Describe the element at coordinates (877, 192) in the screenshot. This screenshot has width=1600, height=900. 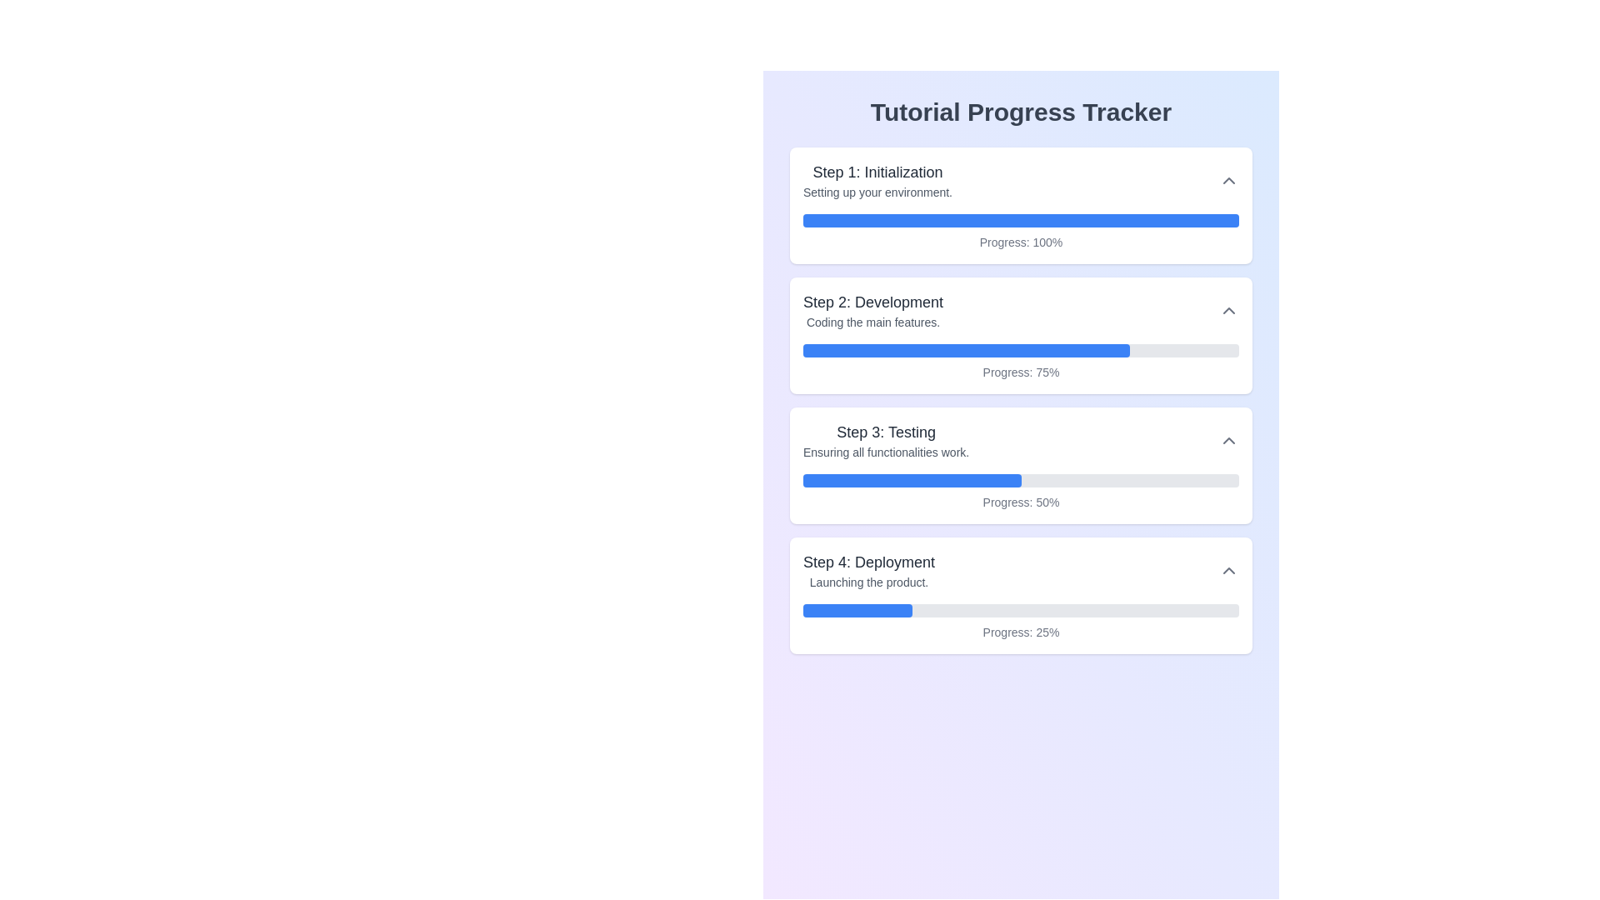
I see `the descriptive text positioned below the bold title 'Step 1: Initialization' in the progress tracker interface` at that location.